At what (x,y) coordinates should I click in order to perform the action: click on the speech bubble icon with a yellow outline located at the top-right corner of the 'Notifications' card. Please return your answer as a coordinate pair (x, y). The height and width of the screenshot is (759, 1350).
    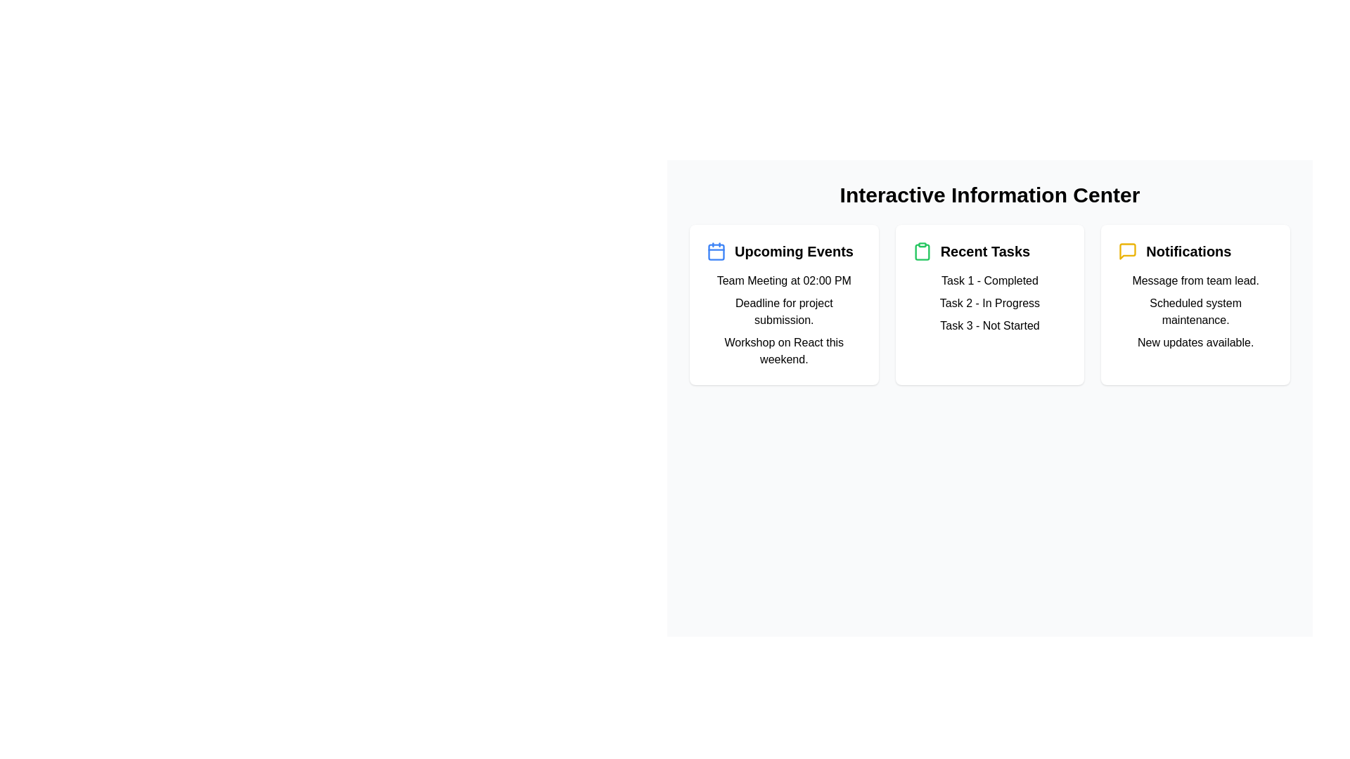
    Looking at the image, I should click on (1128, 251).